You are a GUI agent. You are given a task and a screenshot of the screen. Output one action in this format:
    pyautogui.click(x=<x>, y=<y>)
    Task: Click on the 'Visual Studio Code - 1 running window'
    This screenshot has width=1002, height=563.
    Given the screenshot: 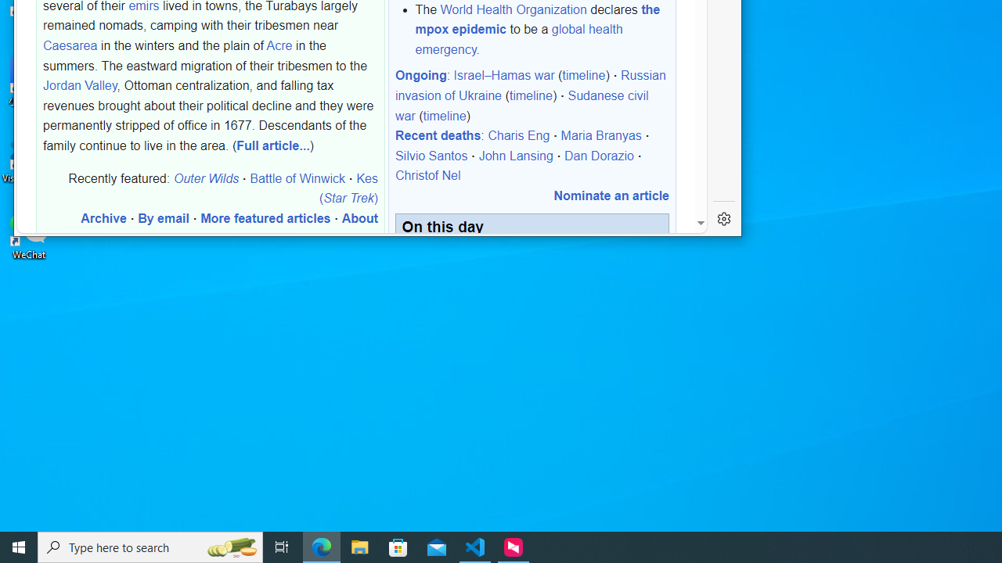 What is the action you would take?
    pyautogui.click(x=474, y=546)
    